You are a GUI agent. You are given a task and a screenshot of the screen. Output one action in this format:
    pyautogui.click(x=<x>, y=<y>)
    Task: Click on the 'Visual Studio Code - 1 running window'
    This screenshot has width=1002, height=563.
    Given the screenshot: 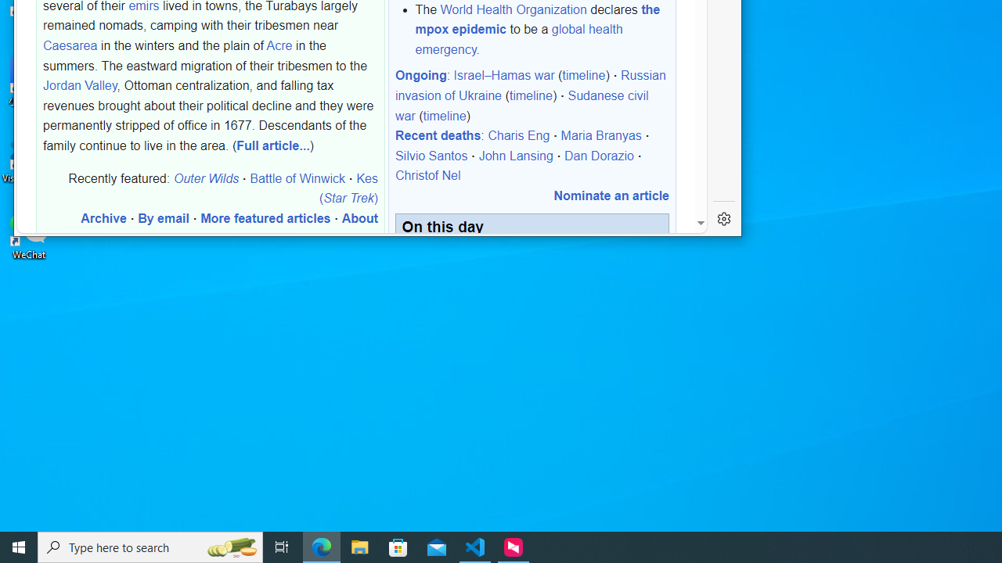 What is the action you would take?
    pyautogui.click(x=474, y=546)
    